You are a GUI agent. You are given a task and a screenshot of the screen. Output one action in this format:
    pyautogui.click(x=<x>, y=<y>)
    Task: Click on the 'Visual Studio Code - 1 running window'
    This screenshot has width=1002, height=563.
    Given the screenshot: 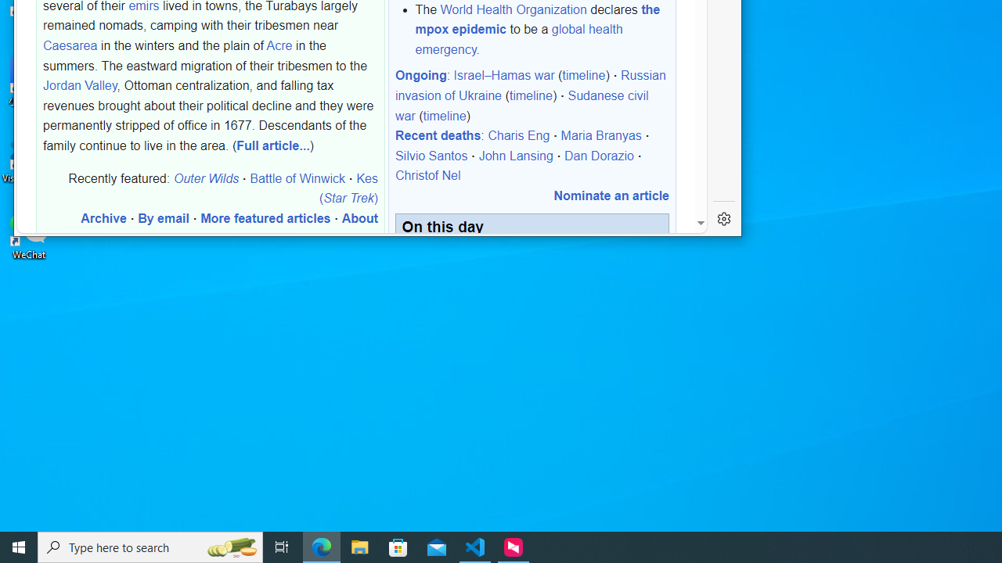 What is the action you would take?
    pyautogui.click(x=474, y=546)
    